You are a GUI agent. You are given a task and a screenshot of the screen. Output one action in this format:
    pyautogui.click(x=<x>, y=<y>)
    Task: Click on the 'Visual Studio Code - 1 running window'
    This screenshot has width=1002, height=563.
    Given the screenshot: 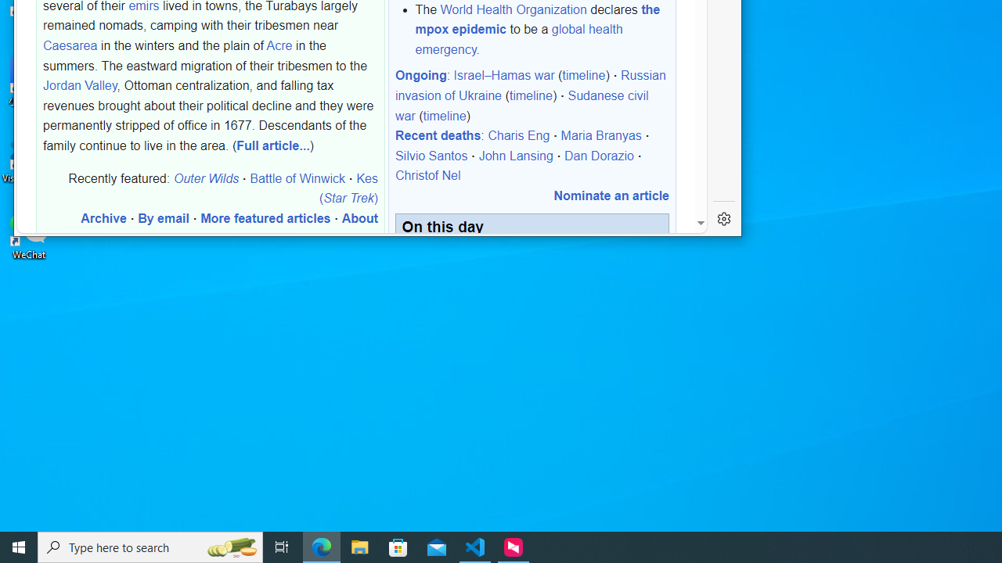 What is the action you would take?
    pyautogui.click(x=474, y=546)
    